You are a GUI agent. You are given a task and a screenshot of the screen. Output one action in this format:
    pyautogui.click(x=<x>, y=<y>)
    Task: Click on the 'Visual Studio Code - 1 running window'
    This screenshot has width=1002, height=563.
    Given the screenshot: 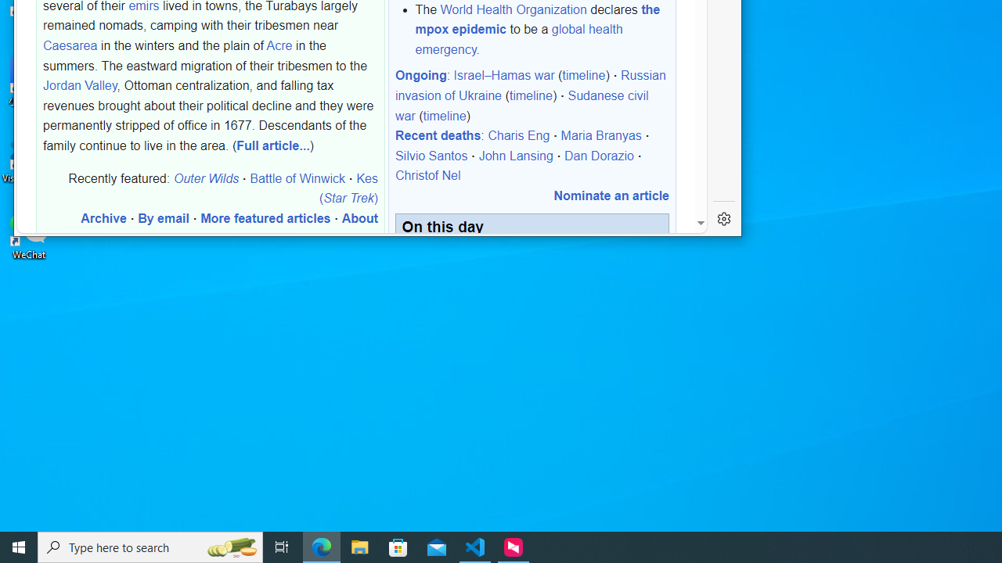 What is the action you would take?
    pyautogui.click(x=474, y=546)
    